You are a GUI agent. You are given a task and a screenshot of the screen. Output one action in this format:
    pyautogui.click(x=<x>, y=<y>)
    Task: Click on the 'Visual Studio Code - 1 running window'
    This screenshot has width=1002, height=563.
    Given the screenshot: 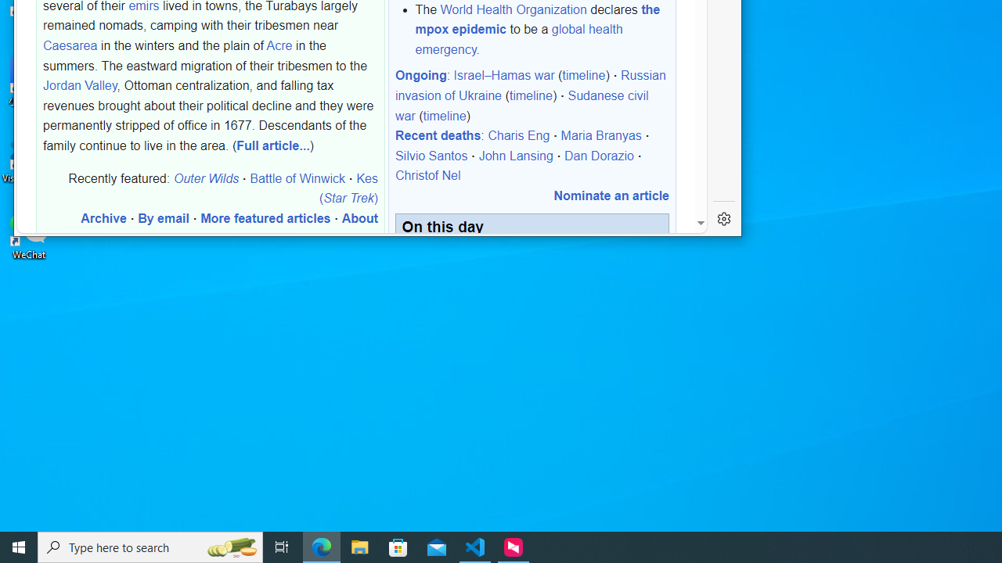 What is the action you would take?
    pyautogui.click(x=474, y=546)
    